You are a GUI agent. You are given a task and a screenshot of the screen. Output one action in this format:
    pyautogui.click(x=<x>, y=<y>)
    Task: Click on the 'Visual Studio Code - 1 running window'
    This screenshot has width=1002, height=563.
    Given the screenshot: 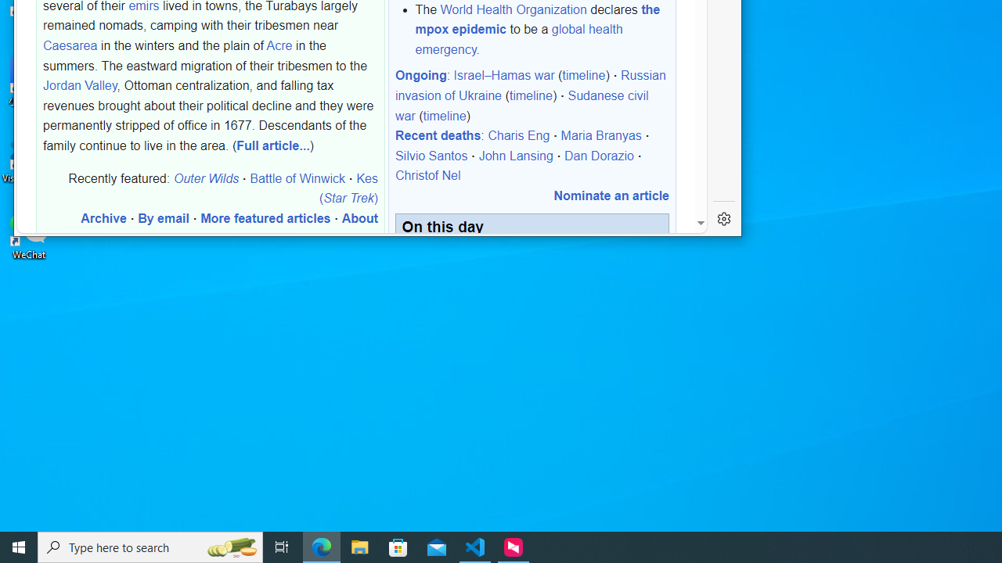 What is the action you would take?
    pyautogui.click(x=474, y=546)
    